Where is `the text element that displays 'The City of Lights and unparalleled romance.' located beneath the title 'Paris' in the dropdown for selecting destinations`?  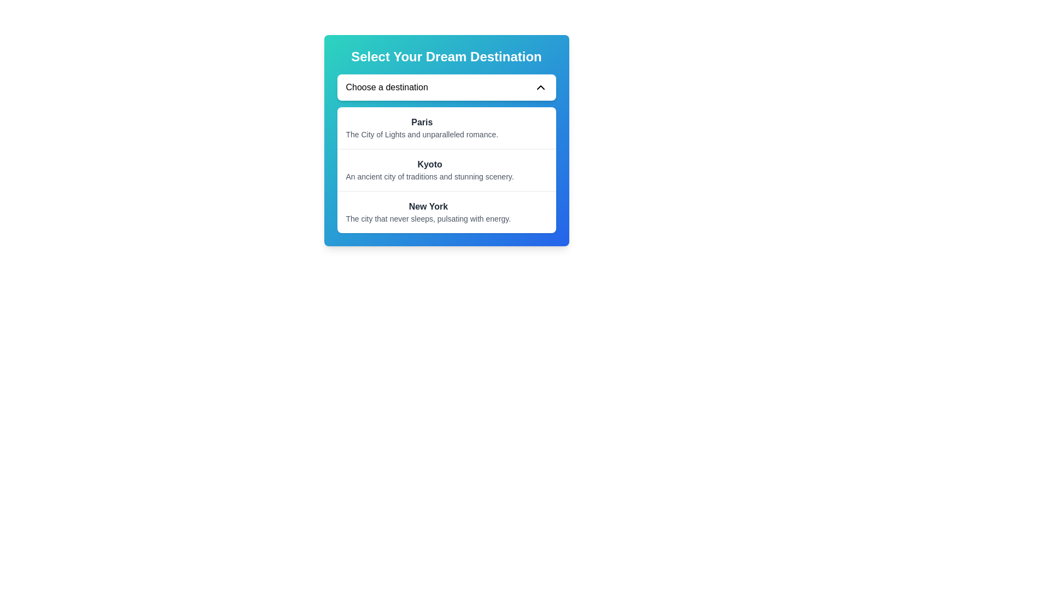 the text element that displays 'The City of Lights and unparalleled romance.' located beneath the title 'Paris' in the dropdown for selecting destinations is located at coordinates (421, 134).